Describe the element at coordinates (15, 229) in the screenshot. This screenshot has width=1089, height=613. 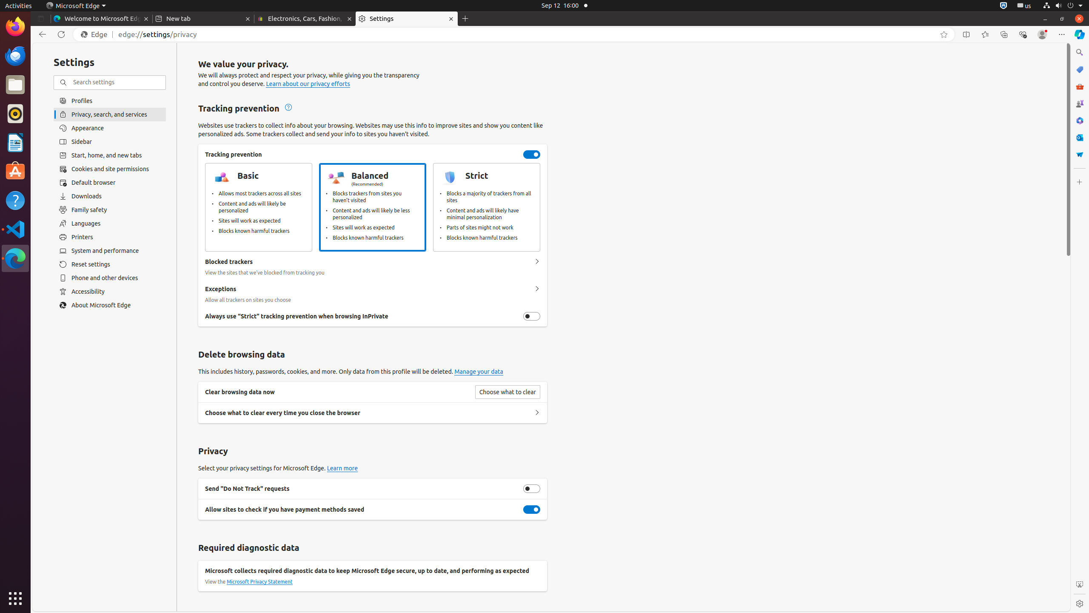
I see `'Visual Studio Code'` at that location.